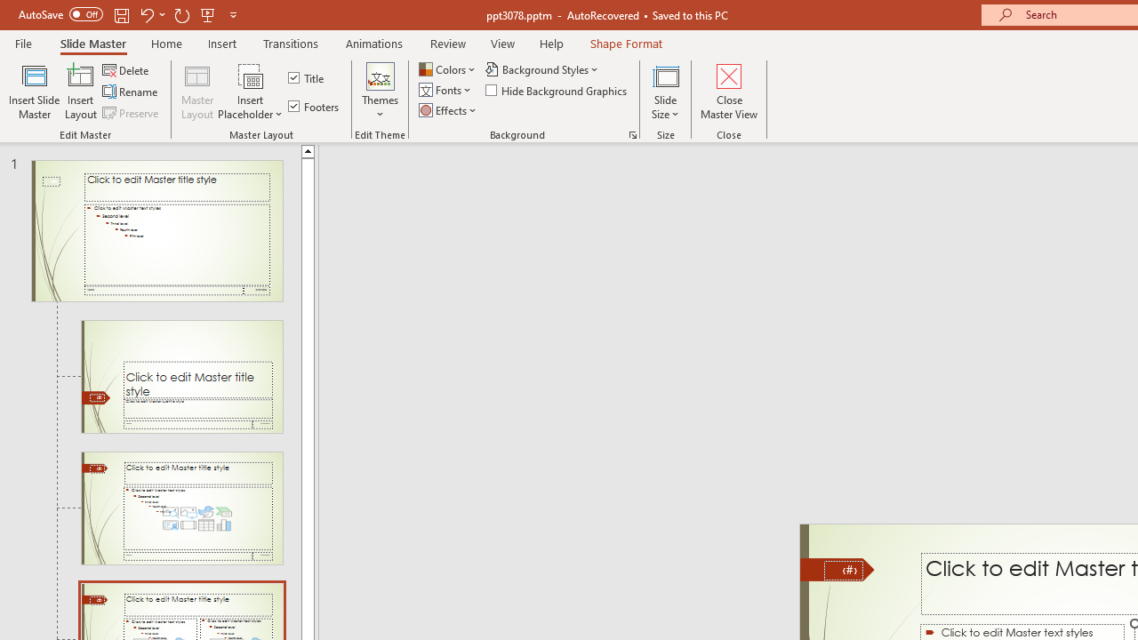  I want to click on 'Insert Layout', so click(80, 92).